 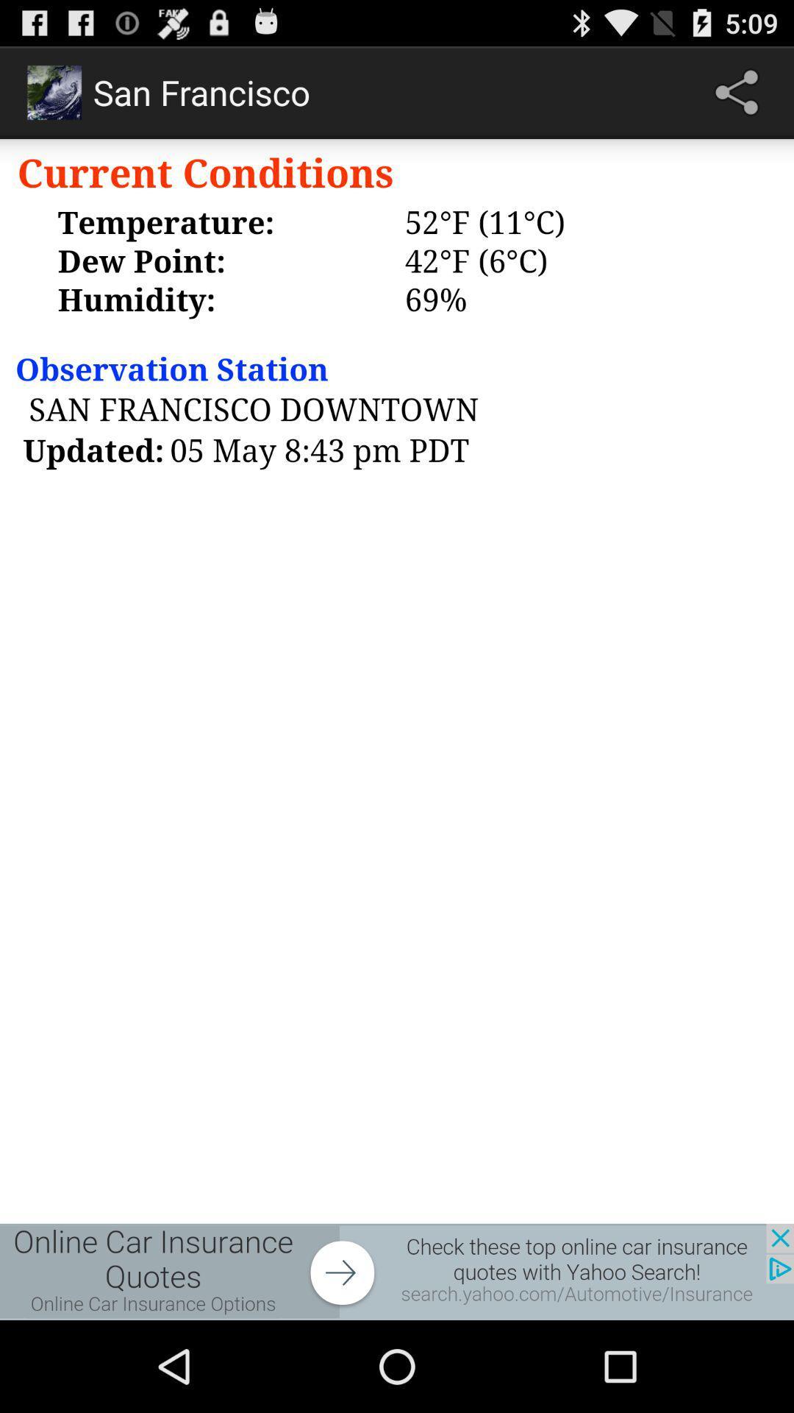 What do you see at coordinates (397, 1271) in the screenshot?
I see `advertisement` at bounding box center [397, 1271].